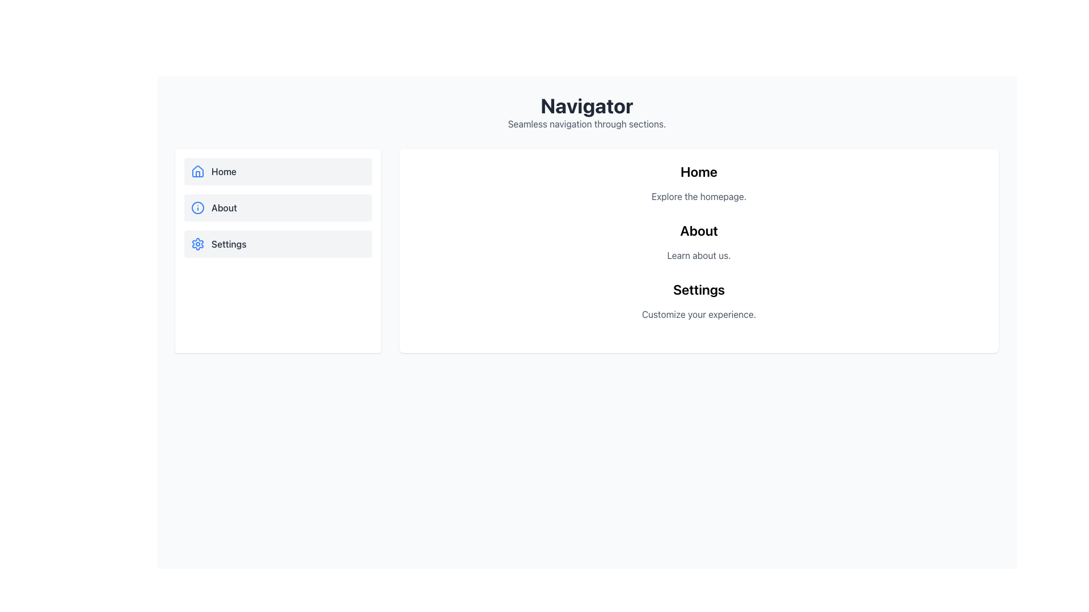 The height and width of the screenshot is (612, 1089). What do you see at coordinates (698, 172) in the screenshot?
I see `the text header labeled 'Home', which is prominently displayed at the top of the section with bold characters` at bounding box center [698, 172].